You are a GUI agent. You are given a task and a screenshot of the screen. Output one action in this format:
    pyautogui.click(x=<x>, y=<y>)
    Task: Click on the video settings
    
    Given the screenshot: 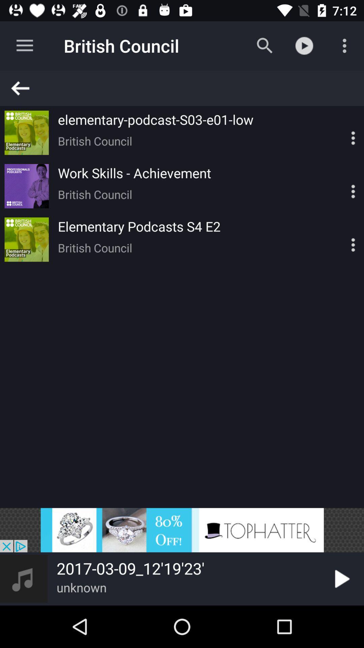 What is the action you would take?
    pyautogui.click(x=341, y=186)
    